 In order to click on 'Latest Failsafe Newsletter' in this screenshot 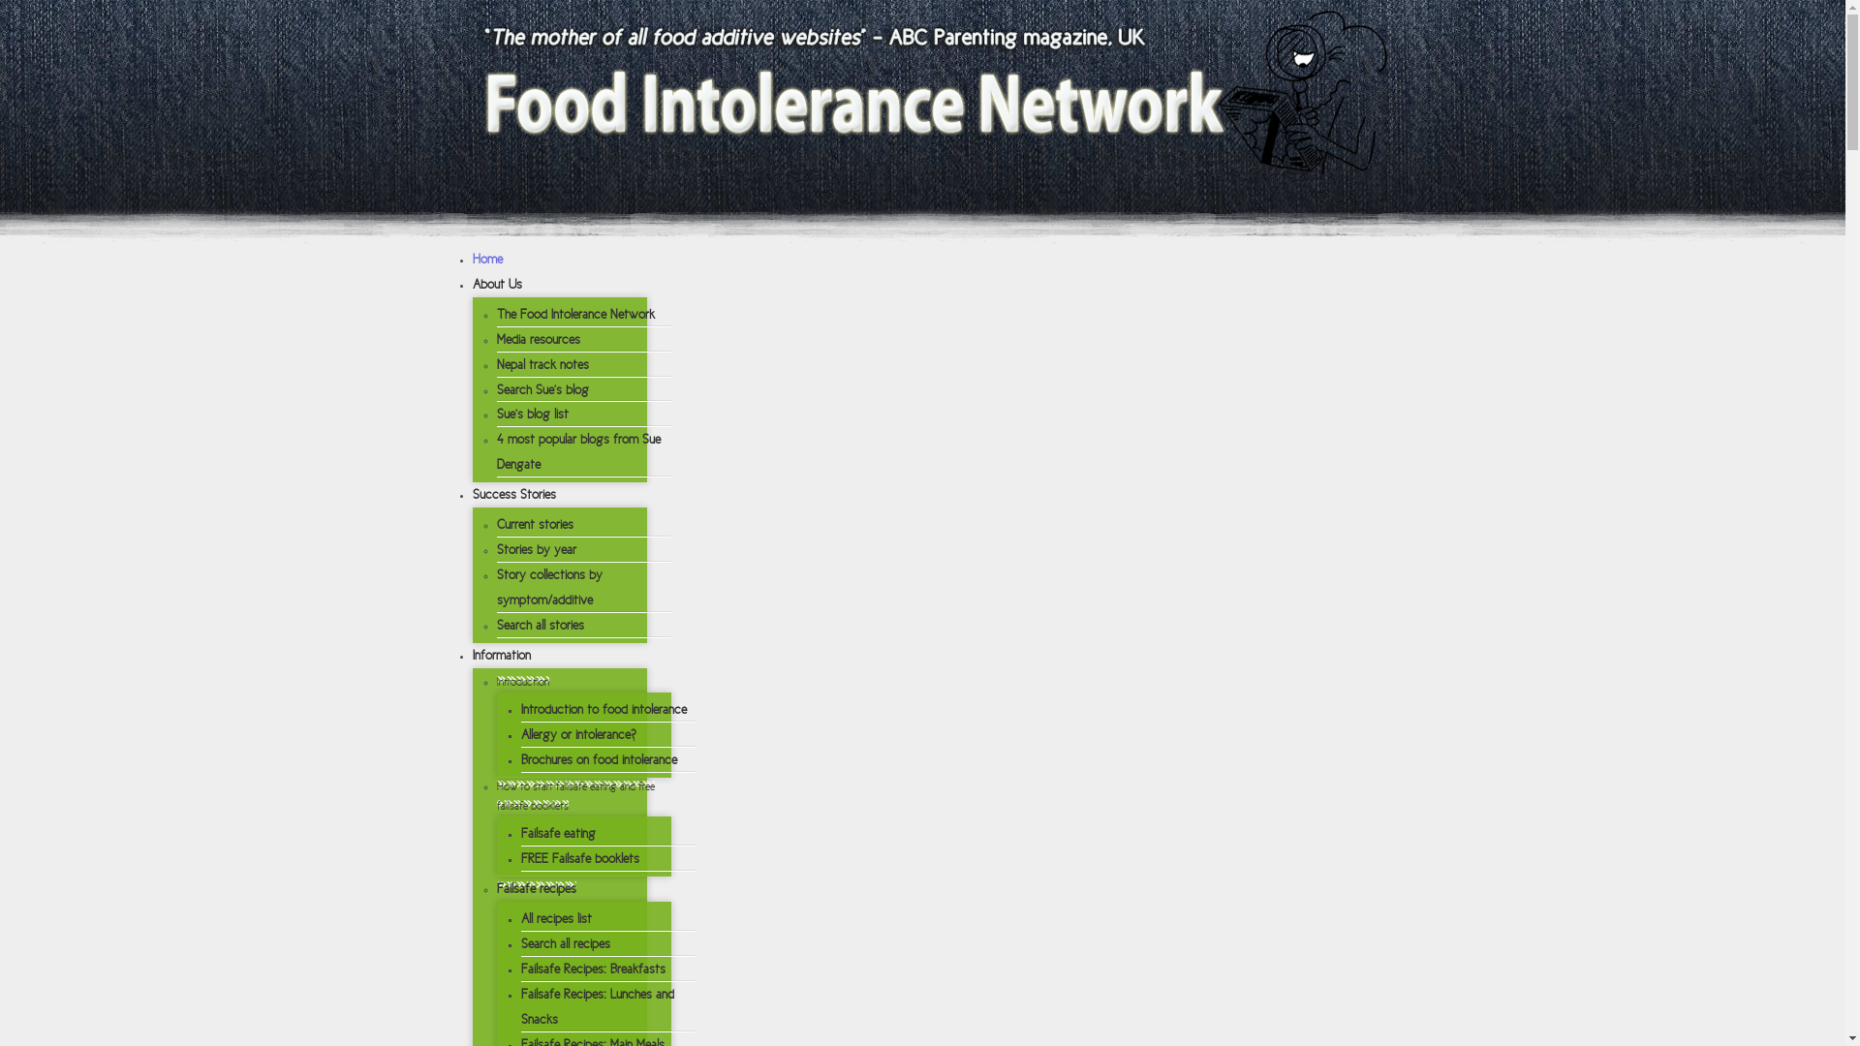, I will do `click(580, 671)`.